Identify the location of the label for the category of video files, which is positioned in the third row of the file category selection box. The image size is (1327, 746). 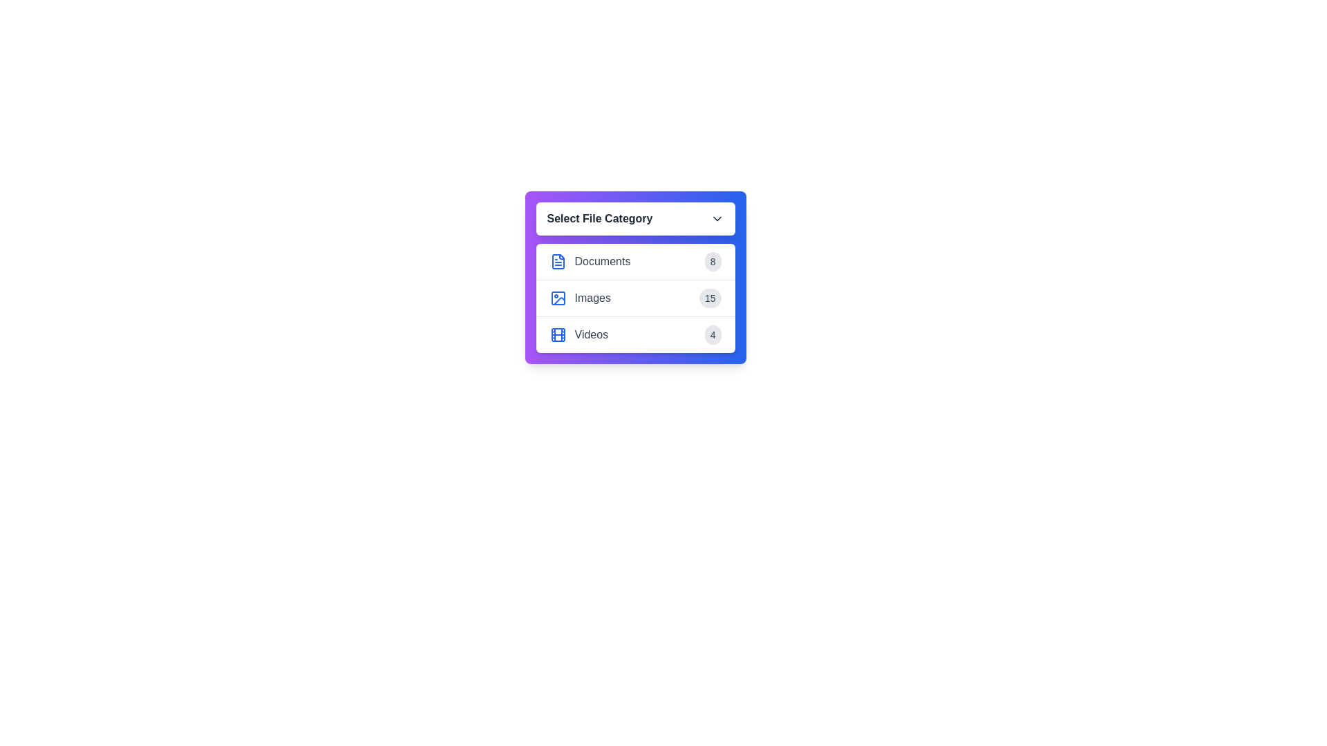
(578, 335).